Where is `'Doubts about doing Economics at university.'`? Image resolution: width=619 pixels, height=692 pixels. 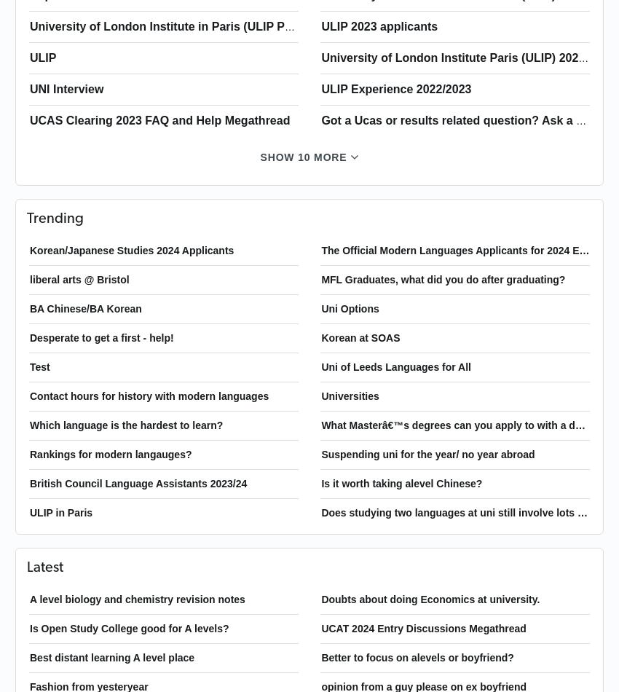
'Doubts about doing Economics at university.' is located at coordinates (320, 598).